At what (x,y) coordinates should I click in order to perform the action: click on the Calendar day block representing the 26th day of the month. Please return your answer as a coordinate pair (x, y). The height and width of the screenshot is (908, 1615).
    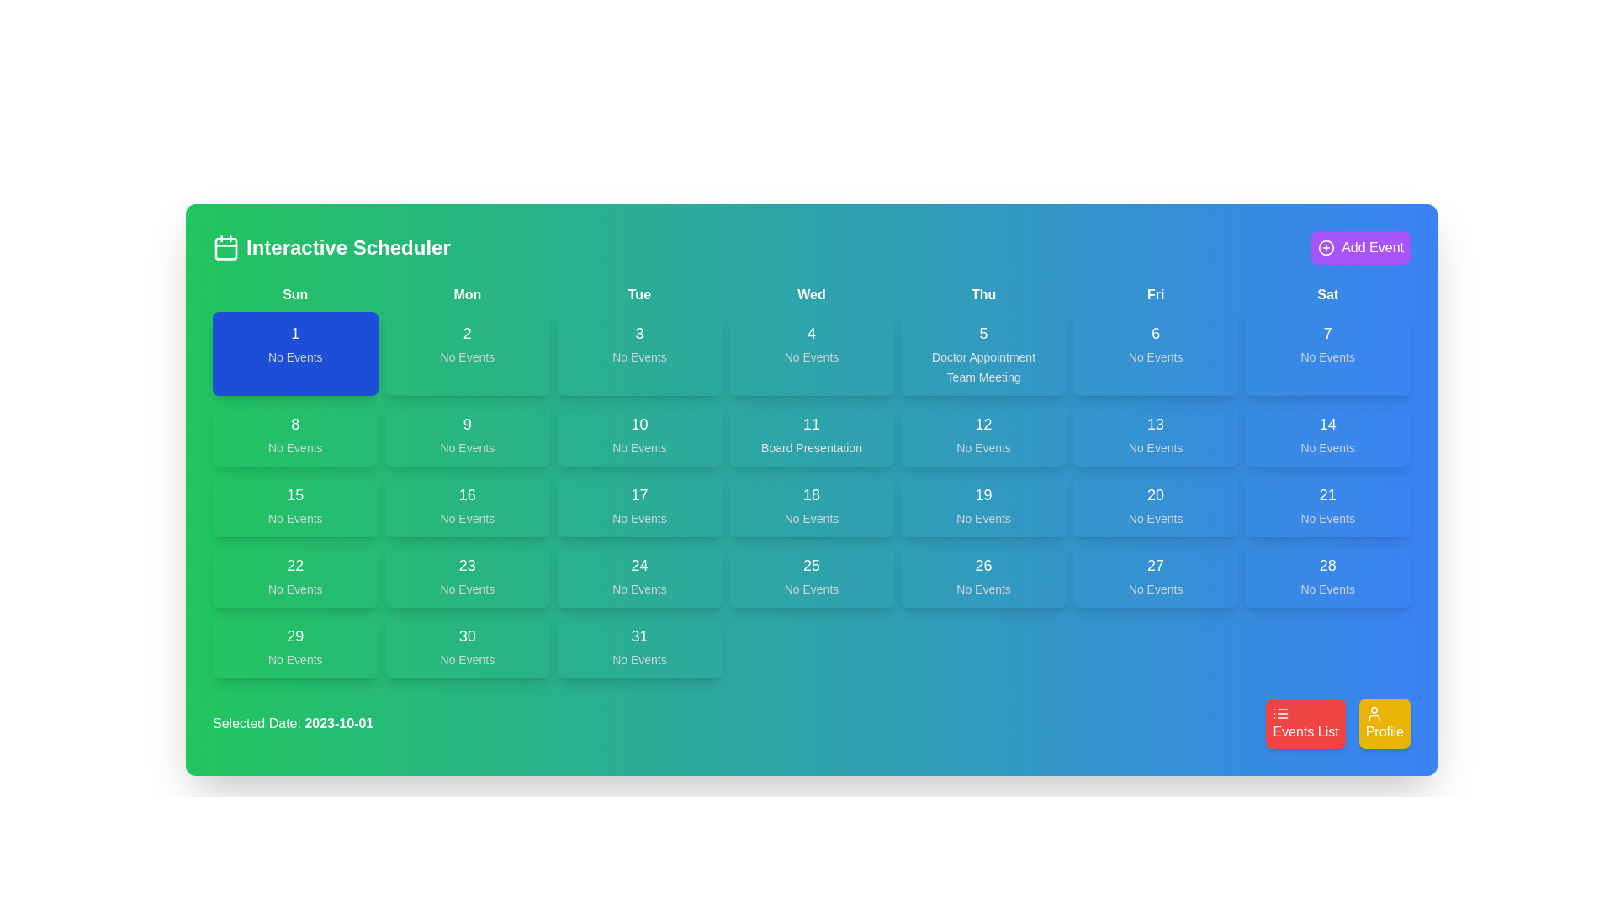
    Looking at the image, I should click on (983, 575).